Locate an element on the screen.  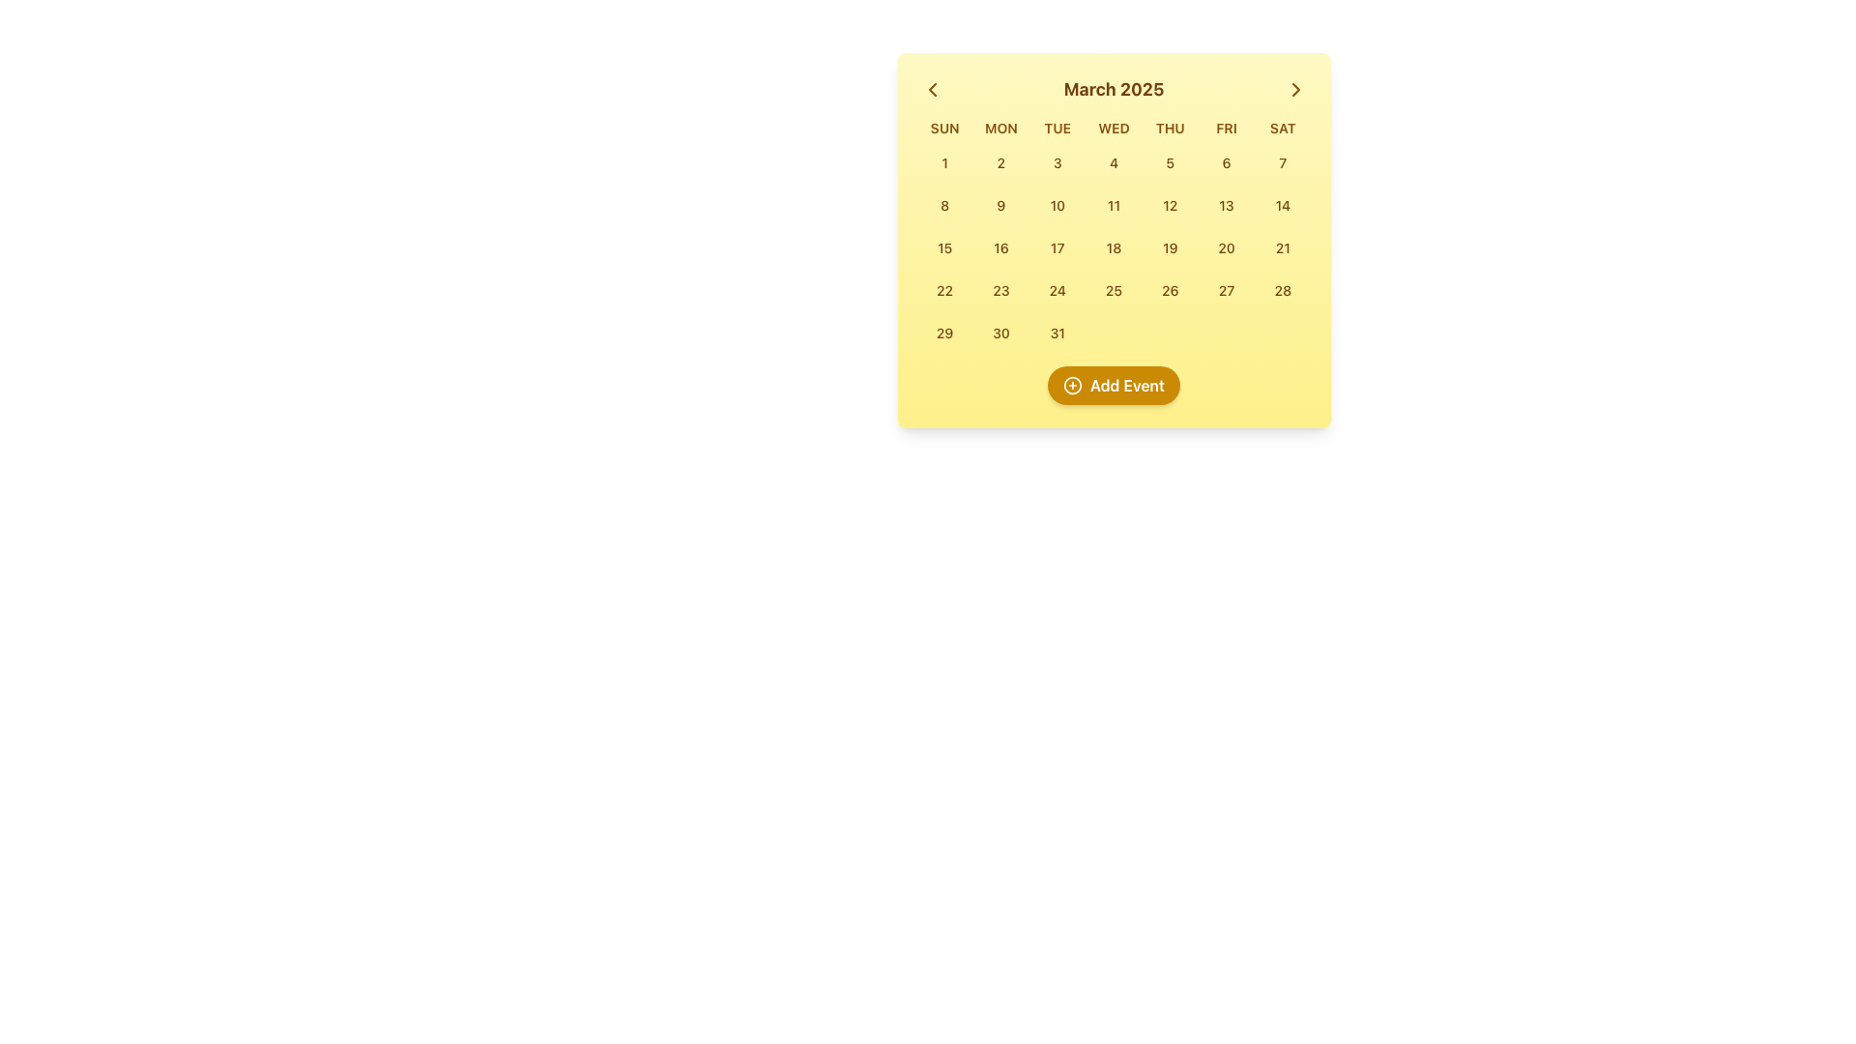
the static text element displaying the number '30' in bold brown font located in the bottom-right quadrant of the March 2025 calendar grid is located at coordinates (1000, 332).